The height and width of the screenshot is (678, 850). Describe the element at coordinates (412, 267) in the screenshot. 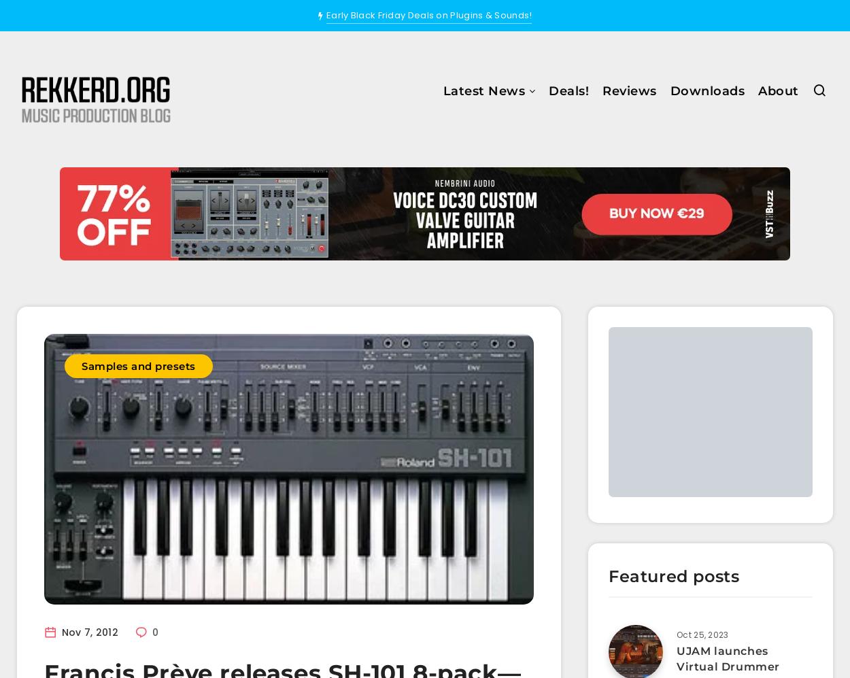

I see `'Other News'` at that location.